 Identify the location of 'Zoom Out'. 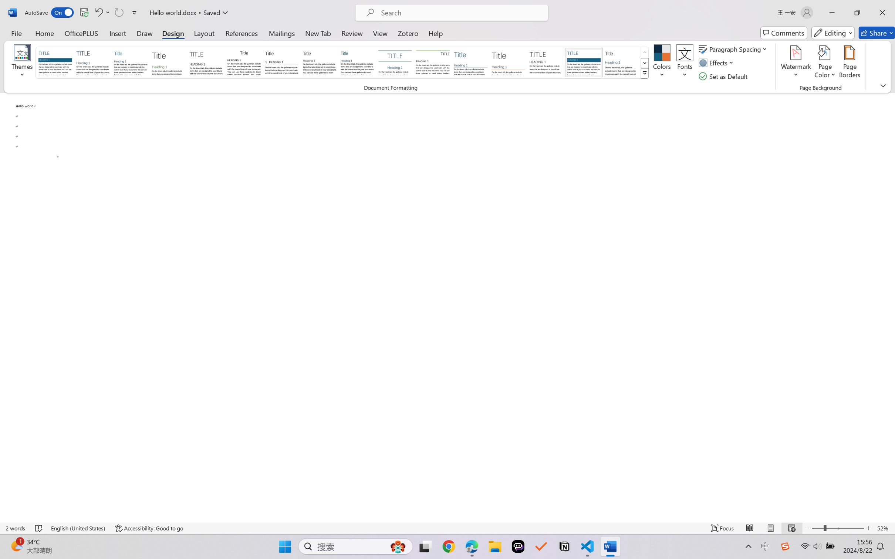
(817, 528).